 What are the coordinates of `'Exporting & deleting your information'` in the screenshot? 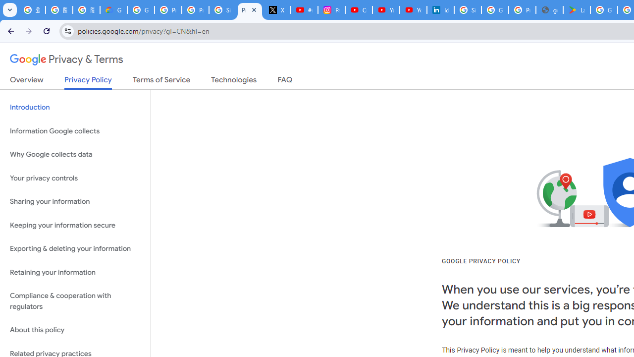 It's located at (75, 248).